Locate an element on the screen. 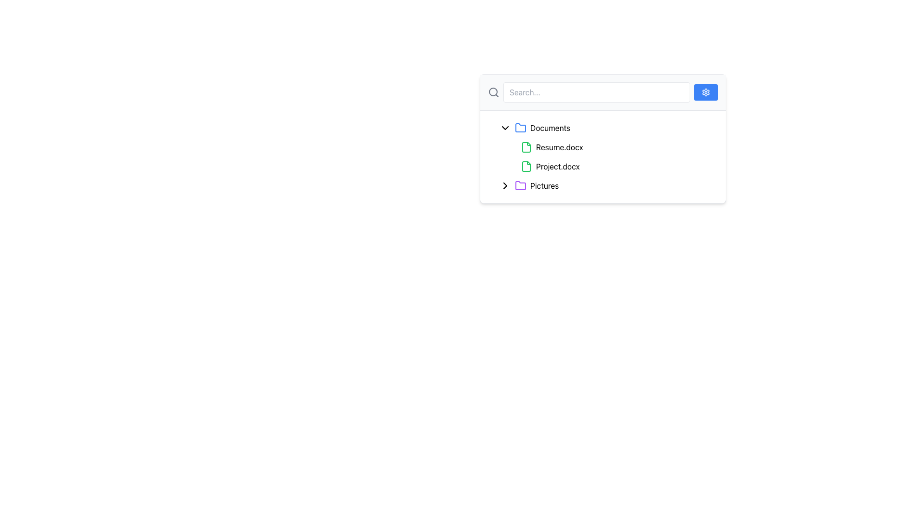 The height and width of the screenshot is (520, 924). the selectable file entry labeled 'Project.docx' is located at coordinates (606, 166).